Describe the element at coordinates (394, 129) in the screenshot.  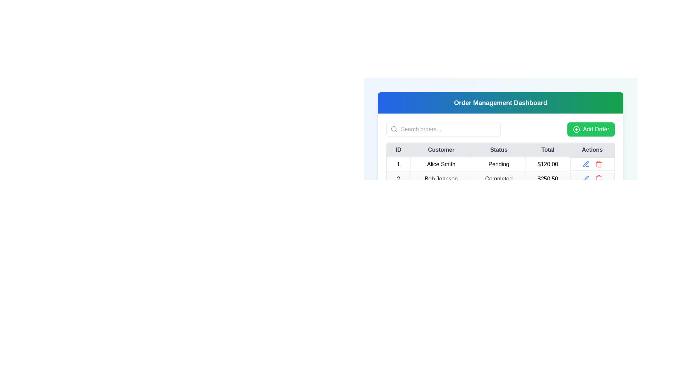
I see `the search icon located on the left side of the input box labeled 'Search orders...'` at that location.